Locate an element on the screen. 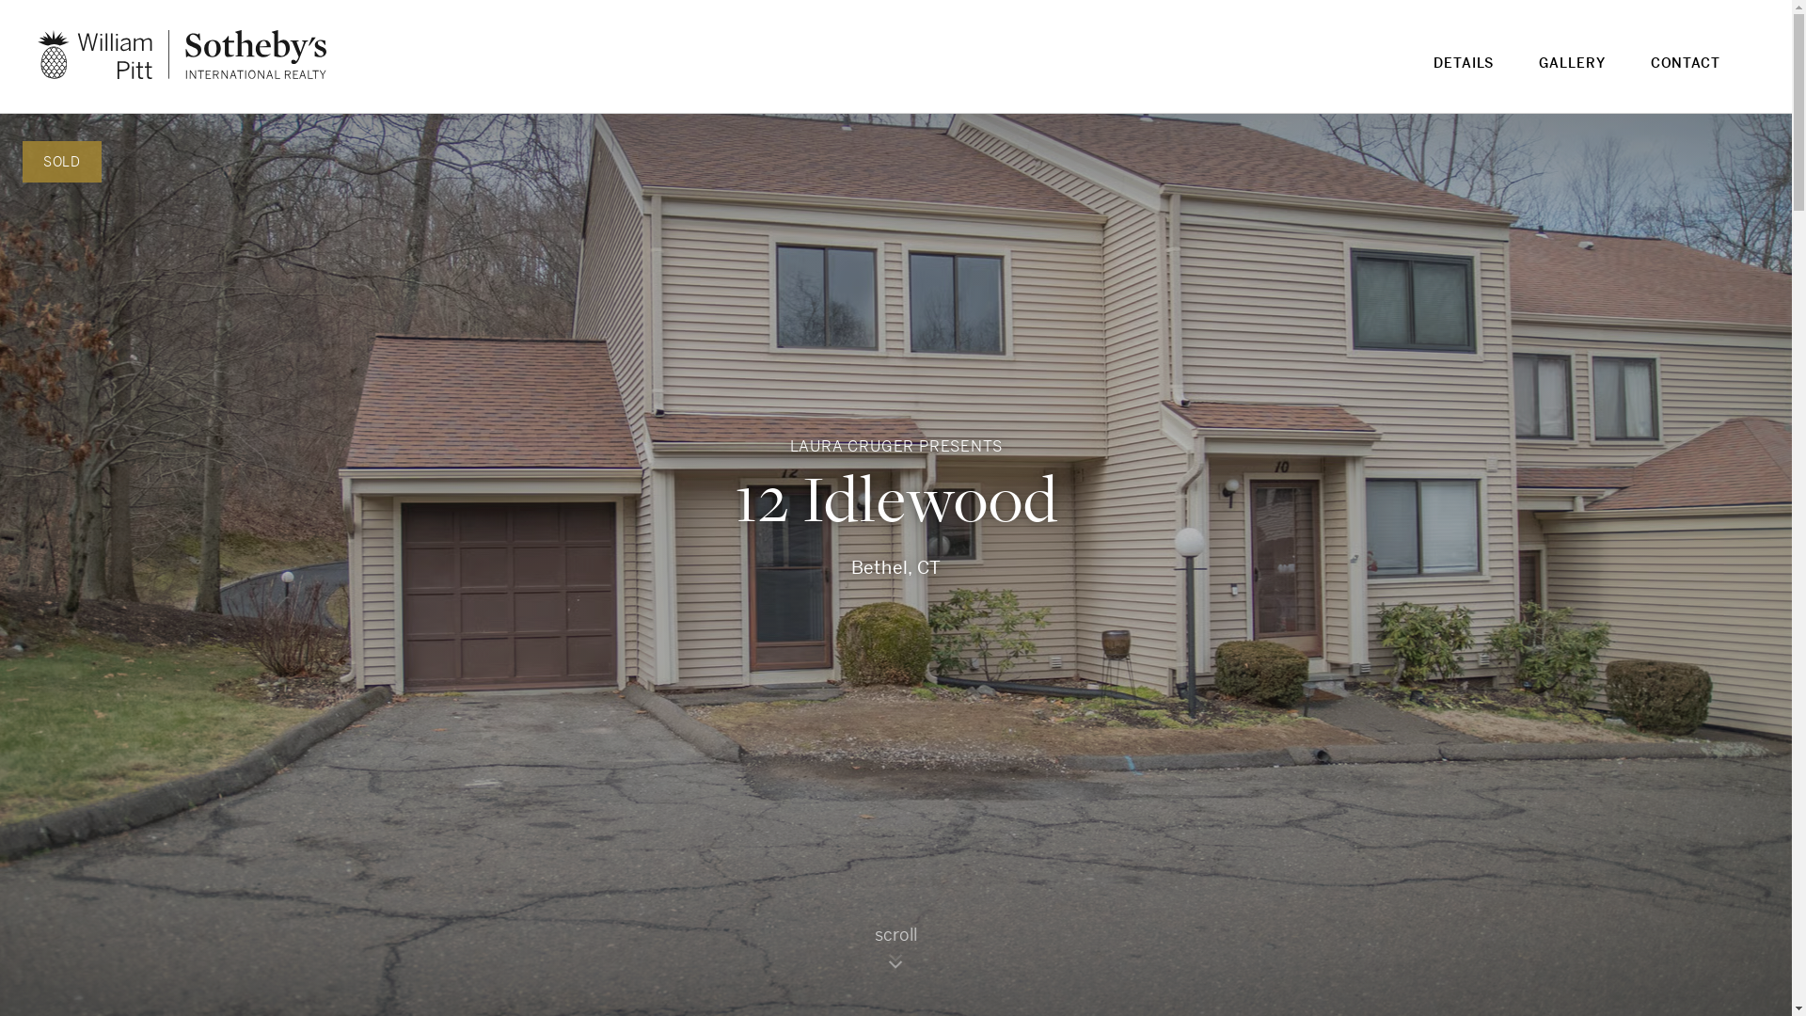 The height and width of the screenshot is (1016, 1806). 'DETAILS' is located at coordinates (1462, 73).